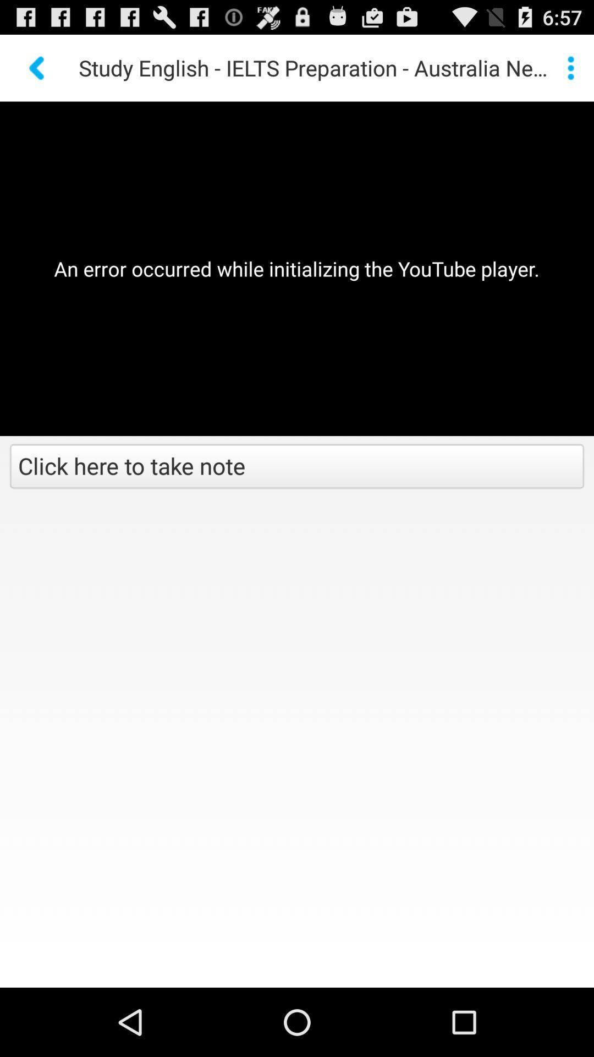 This screenshot has height=1057, width=594. What do you see at coordinates (570, 67) in the screenshot?
I see `the item at the top right corner` at bounding box center [570, 67].